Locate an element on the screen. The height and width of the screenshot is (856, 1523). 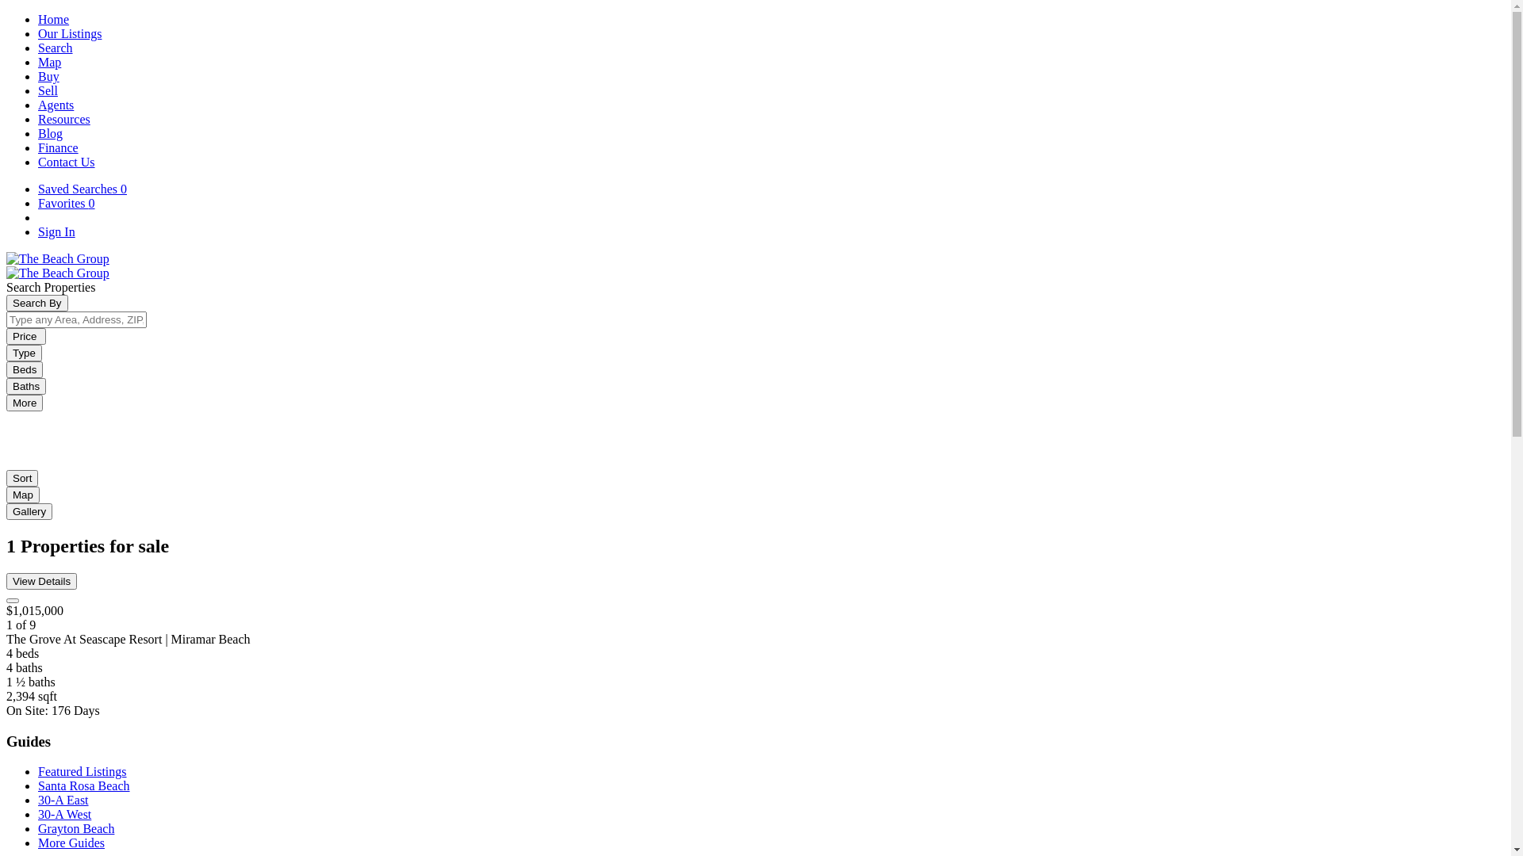
'30-A West' is located at coordinates (63, 814).